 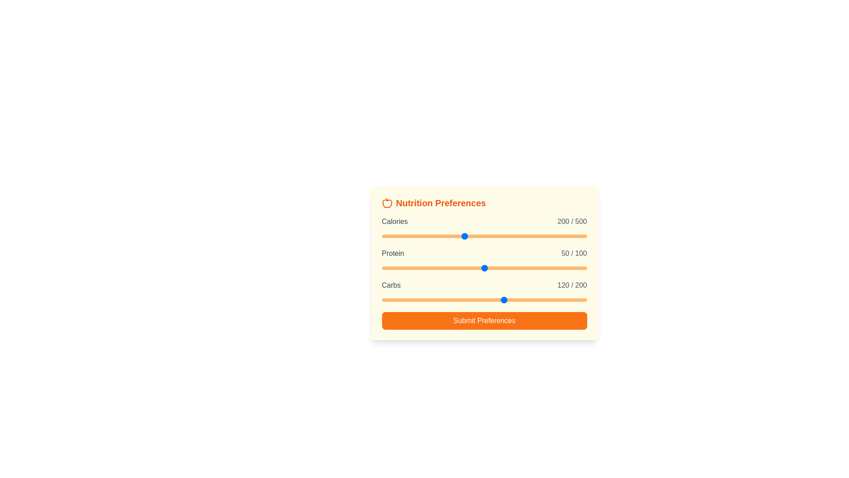 I want to click on calorie intake, so click(x=398, y=235).